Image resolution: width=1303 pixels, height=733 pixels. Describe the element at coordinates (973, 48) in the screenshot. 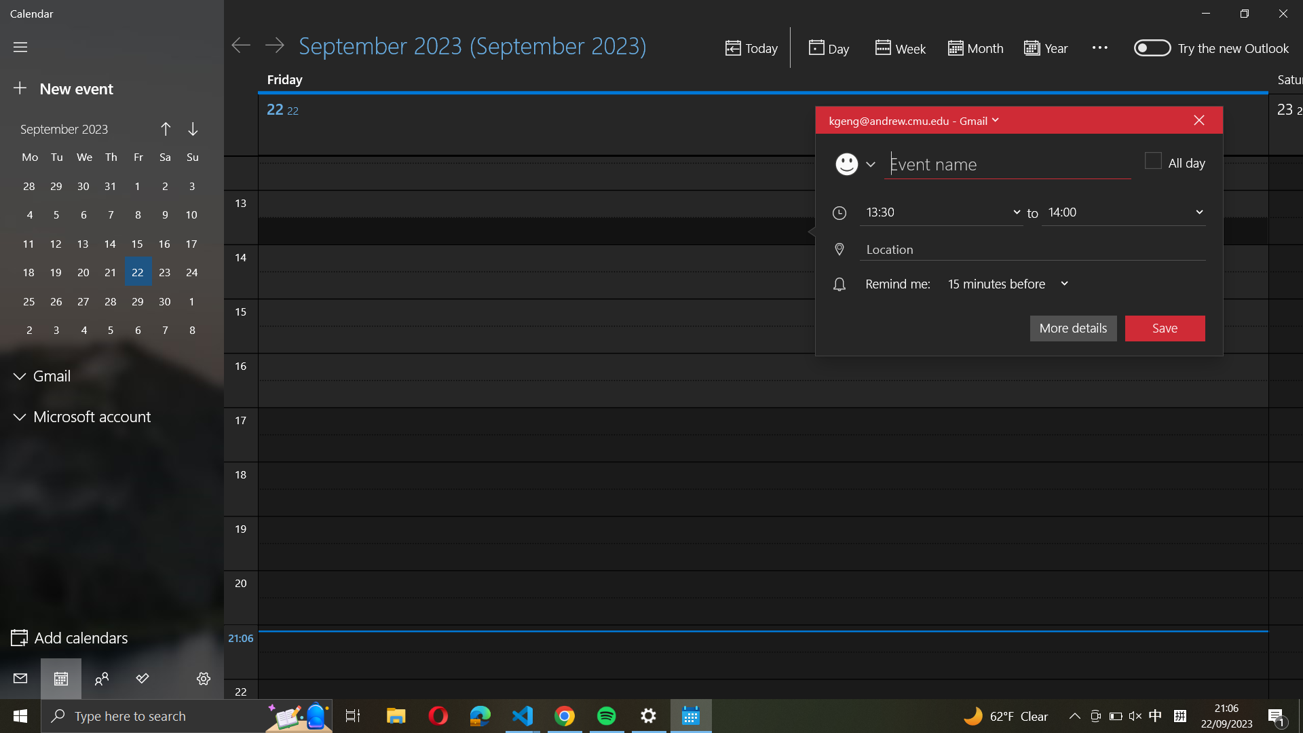

I see `Show the calendar for the month` at that location.